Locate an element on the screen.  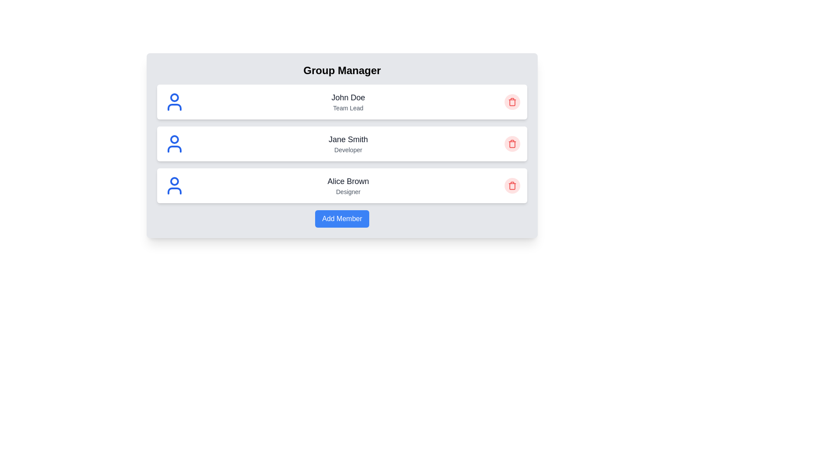
the lower half of the SVG-based user icon, which is a blue curved line resembling a torso, located at the beginning of the user row adjacent to 'John Doe' and 'Team Lead' is located at coordinates (174, 107).